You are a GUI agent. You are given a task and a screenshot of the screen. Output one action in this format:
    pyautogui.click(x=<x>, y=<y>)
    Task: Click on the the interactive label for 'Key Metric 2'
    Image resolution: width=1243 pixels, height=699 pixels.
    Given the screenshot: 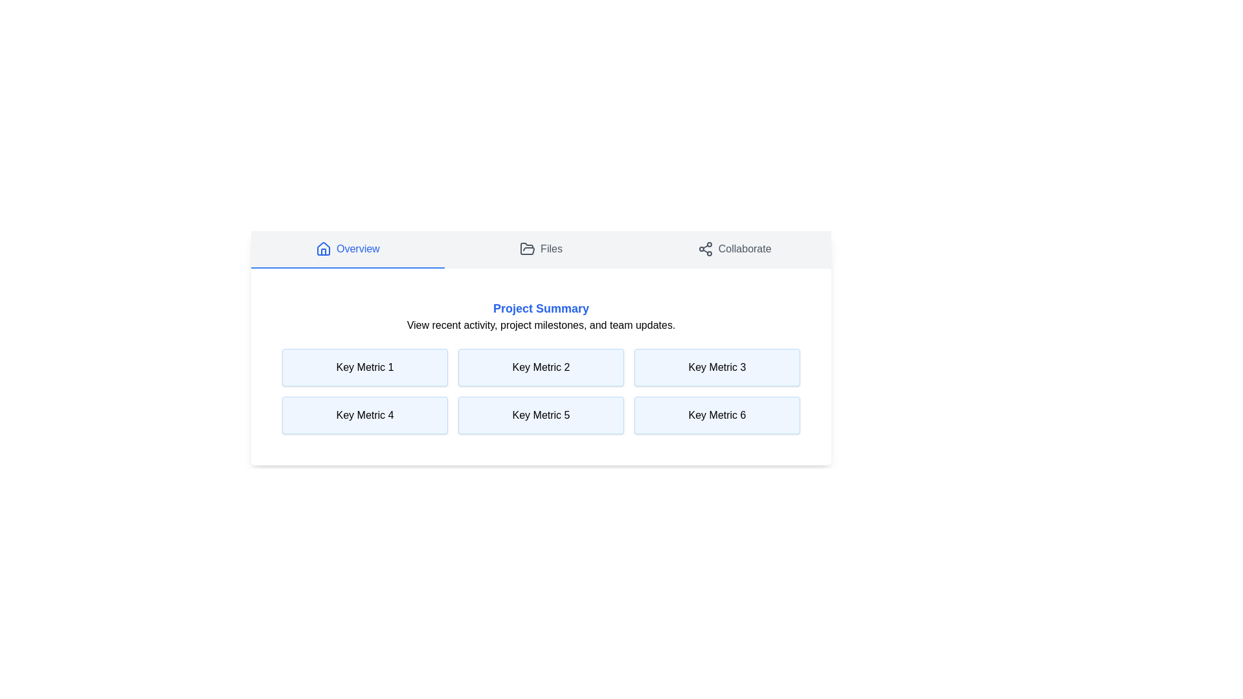 What is the action you would take?
    pyautogui.click(x=541, y=367)
    